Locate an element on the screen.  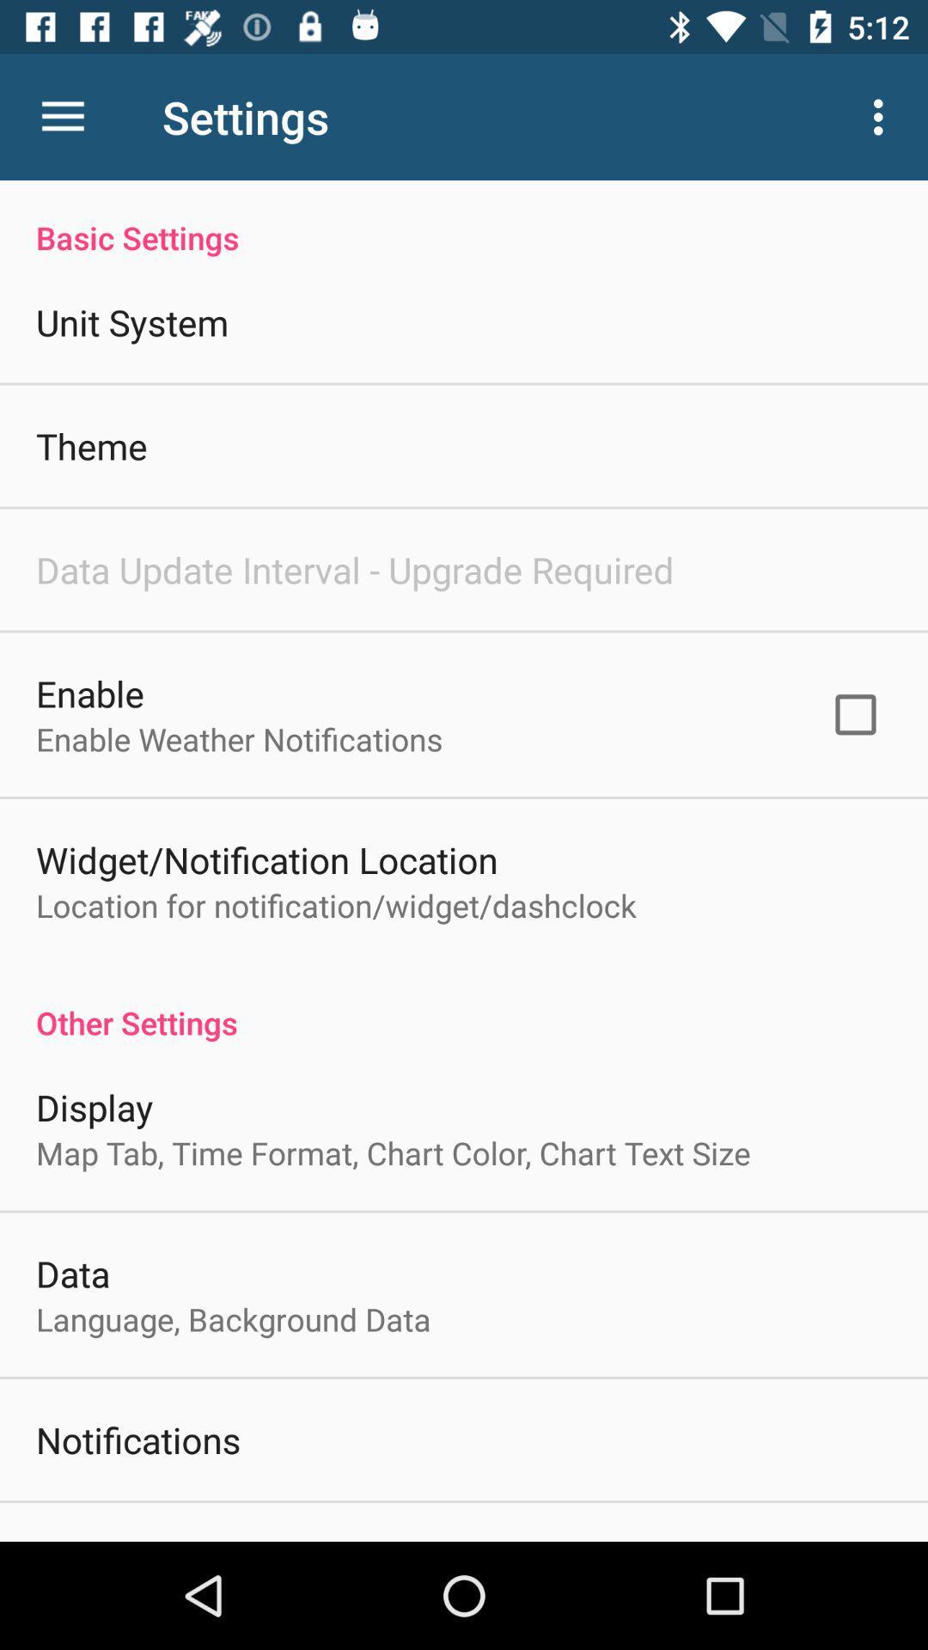
display item is located at coordinates (95, 1107).